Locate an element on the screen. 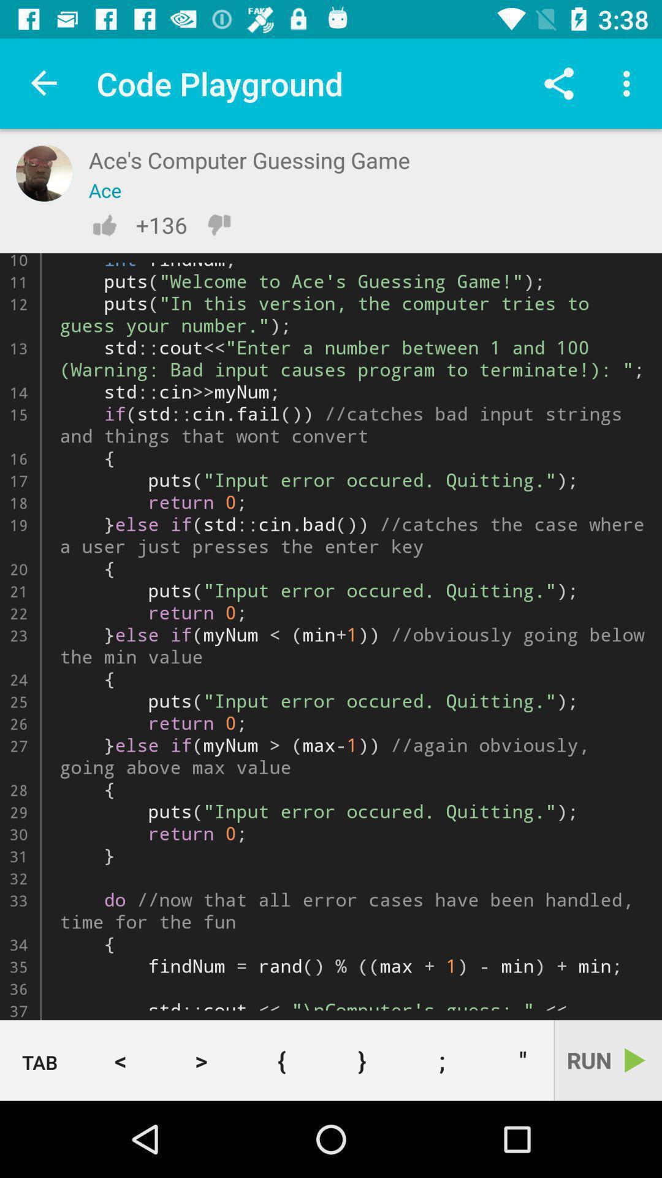 The image size is (662, 1178). downvote the code is located at coordinates (218, 225).